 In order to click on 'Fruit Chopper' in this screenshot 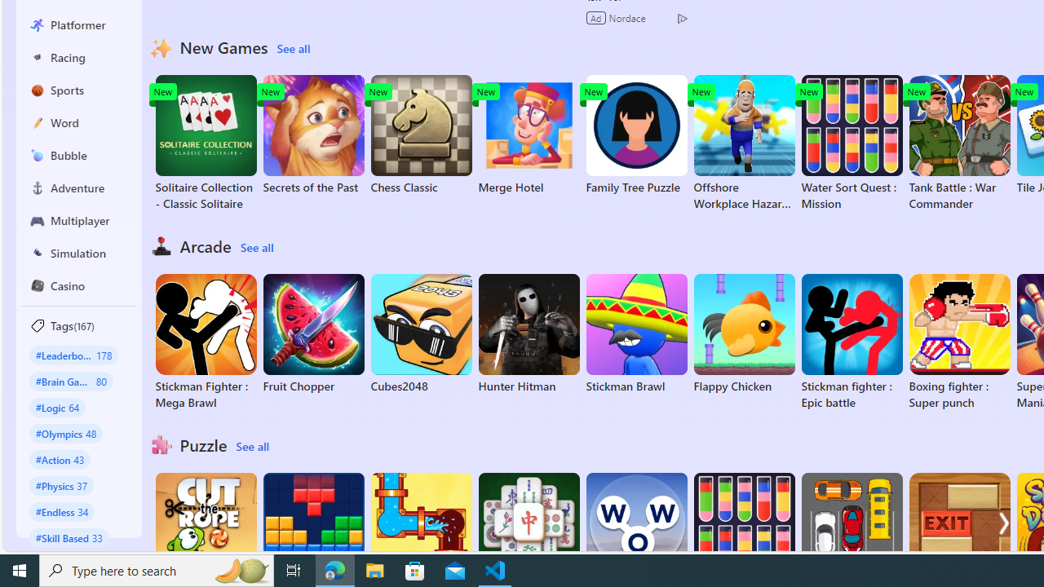, I will do `click(313, 333)`.